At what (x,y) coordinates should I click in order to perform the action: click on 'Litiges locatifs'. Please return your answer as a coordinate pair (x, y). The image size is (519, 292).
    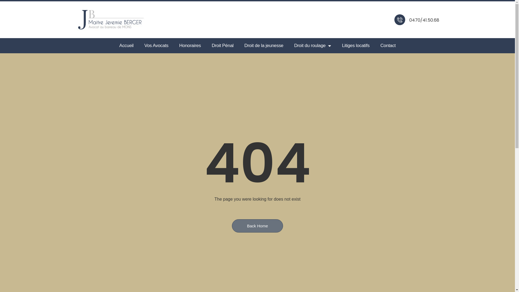
    Looking at the image, I should click on (355, 45).